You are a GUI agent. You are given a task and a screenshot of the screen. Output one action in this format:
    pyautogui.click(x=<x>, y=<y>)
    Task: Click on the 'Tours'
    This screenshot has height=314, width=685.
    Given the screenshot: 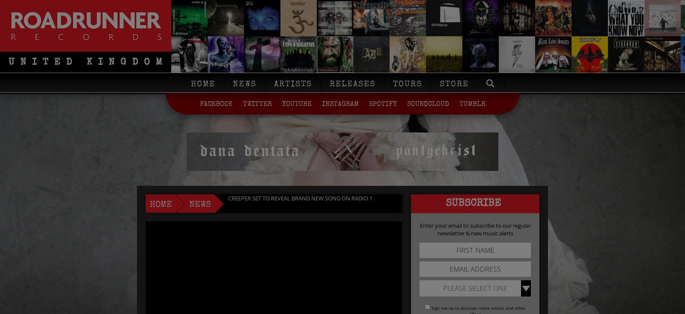 What is the action you would take?
    pyautogui.click(x=392, y=85)
    